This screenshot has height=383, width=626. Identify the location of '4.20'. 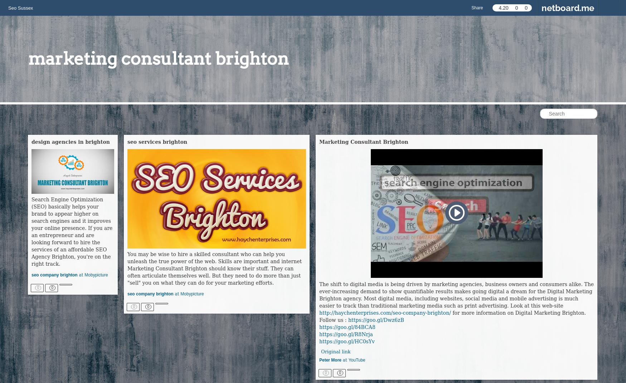
(503, 7).